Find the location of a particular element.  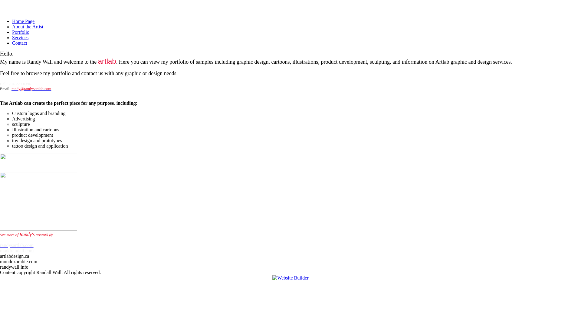

'randysartlab.com' is located at coordinates (17, 245).